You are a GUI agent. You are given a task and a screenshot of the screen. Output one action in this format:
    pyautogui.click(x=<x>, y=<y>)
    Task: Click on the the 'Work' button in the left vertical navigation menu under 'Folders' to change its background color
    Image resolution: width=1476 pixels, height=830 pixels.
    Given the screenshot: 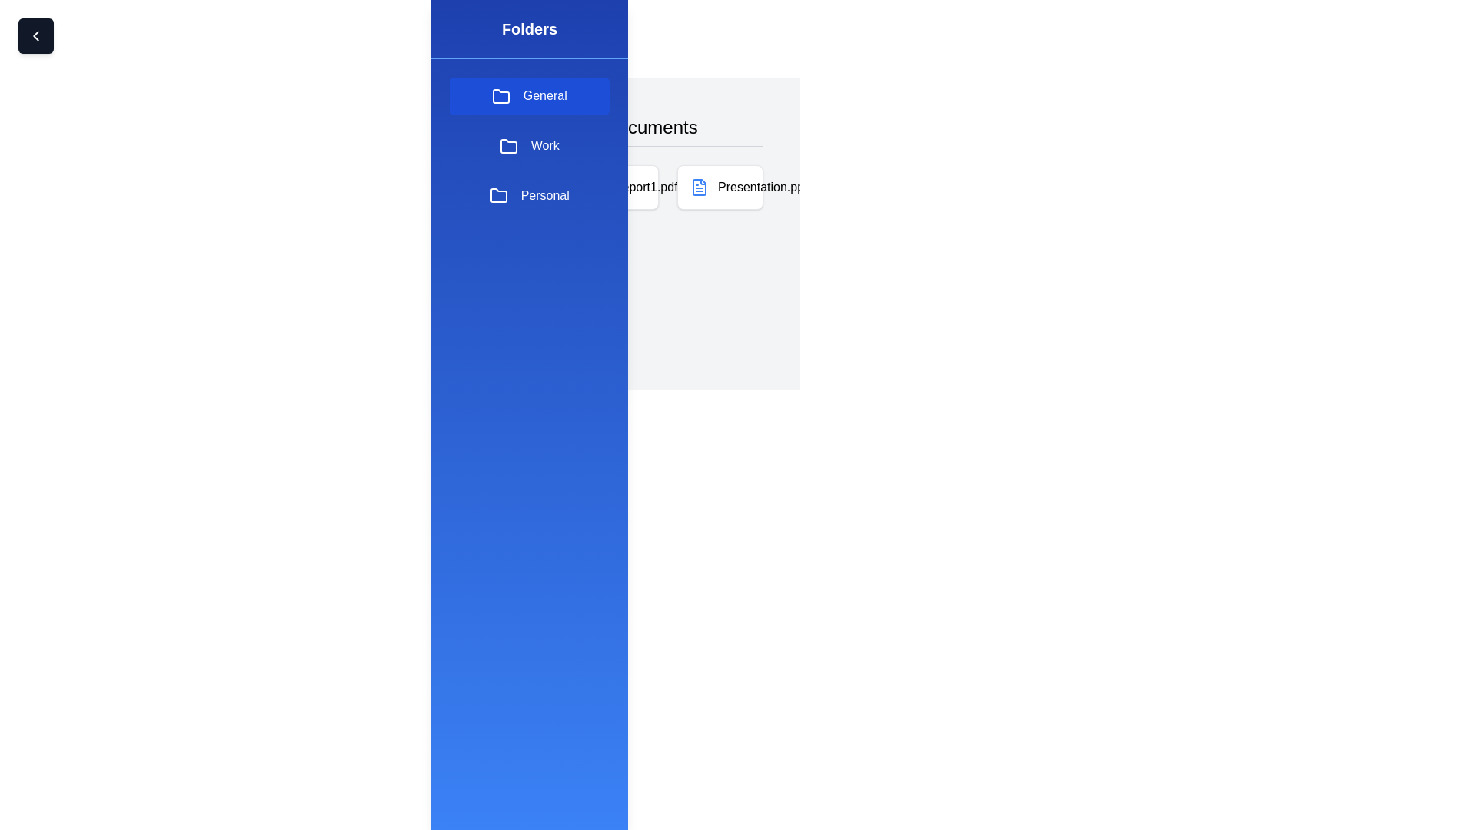 What is the action you would take?
    pyautogui.click(x=530, y=145)
    